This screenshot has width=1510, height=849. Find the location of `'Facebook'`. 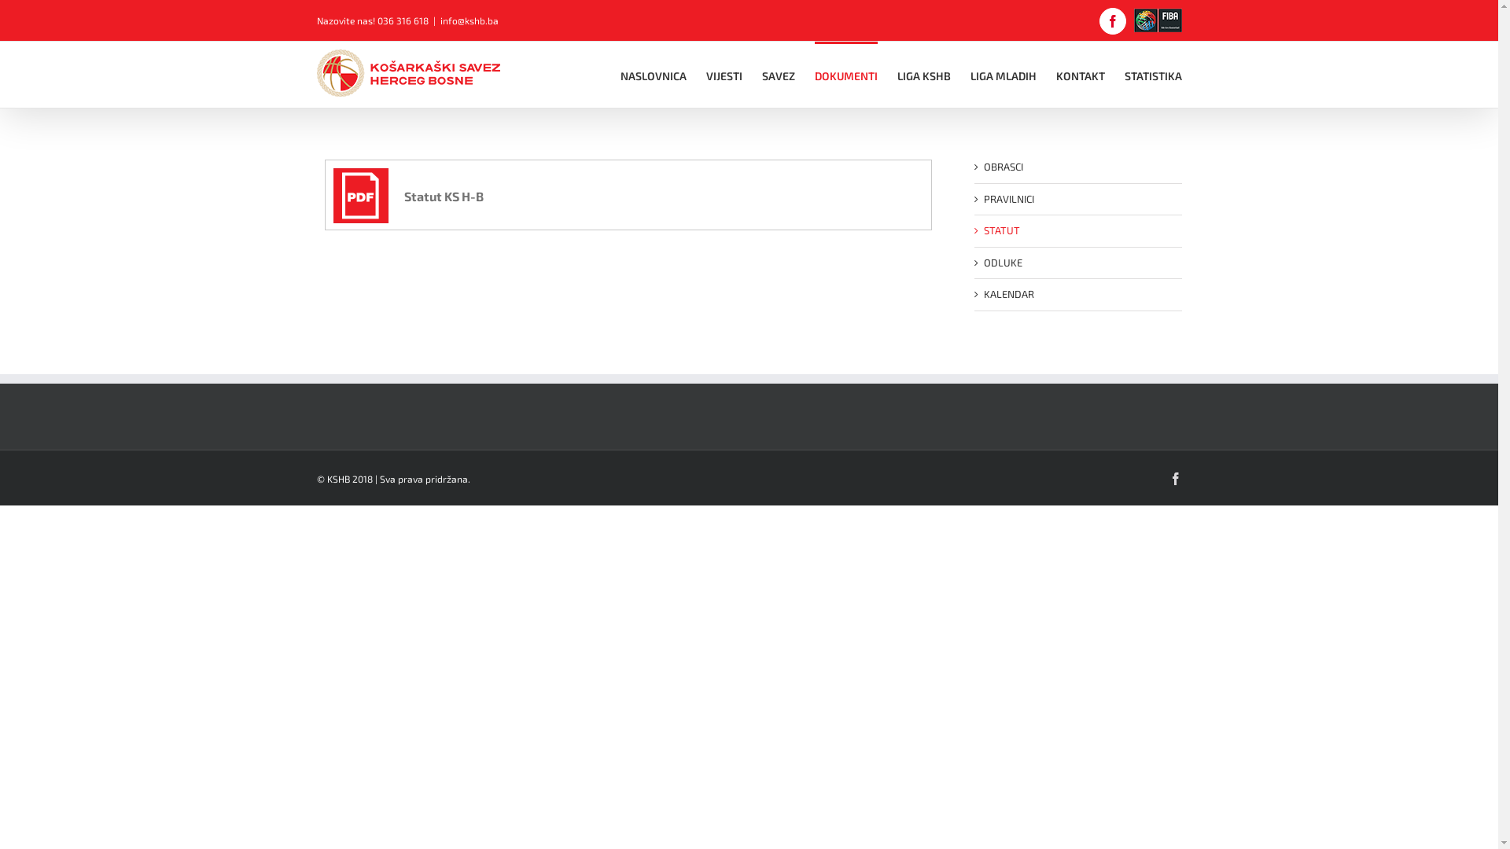

'Facebook' is located at coordinates (1112, 21).